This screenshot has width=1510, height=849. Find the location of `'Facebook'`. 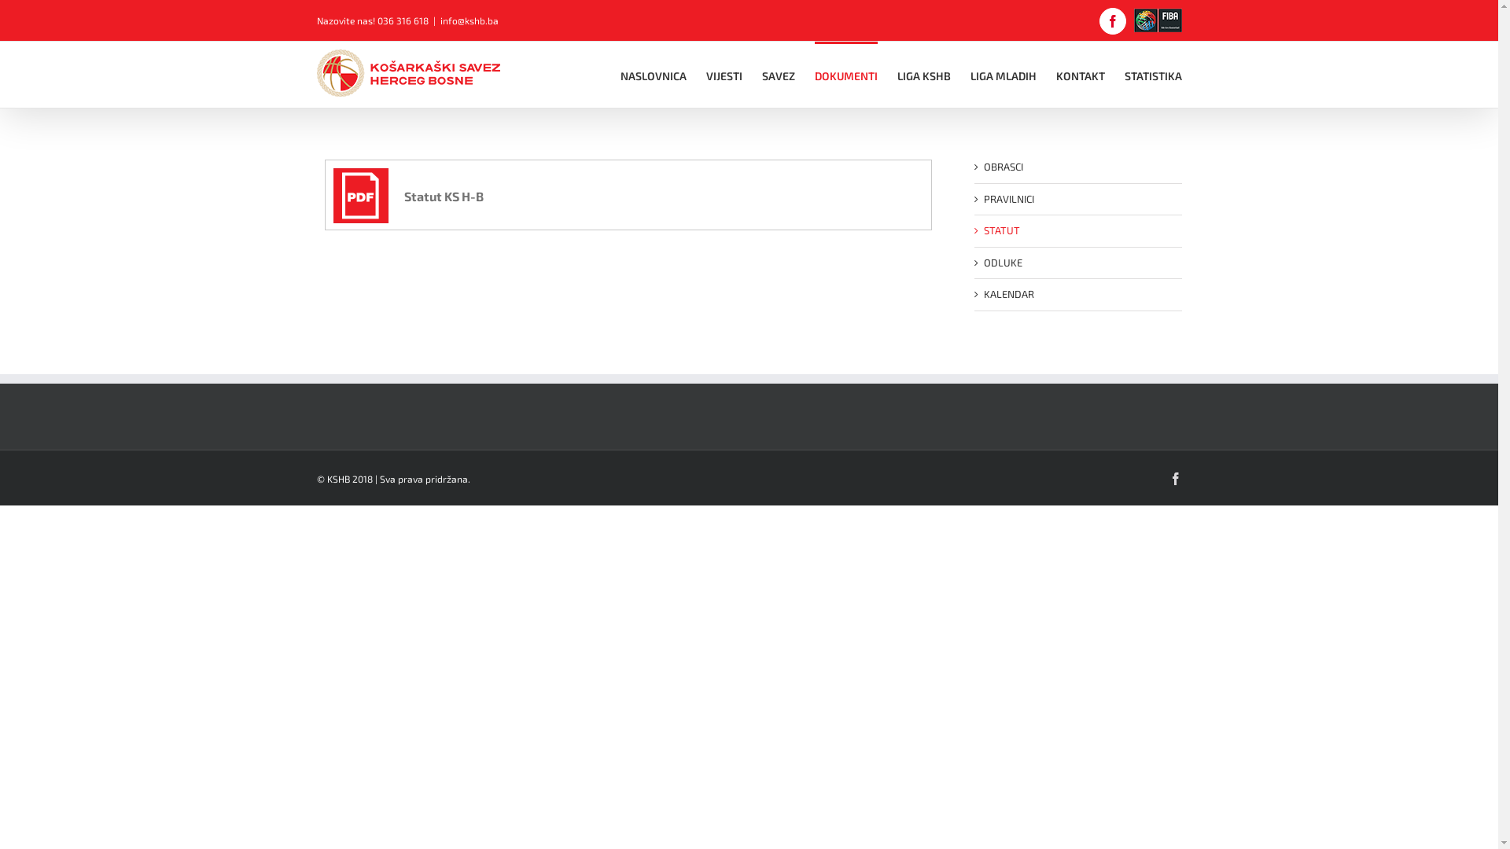

'Facebook' is located at coordinates (1112, 21).